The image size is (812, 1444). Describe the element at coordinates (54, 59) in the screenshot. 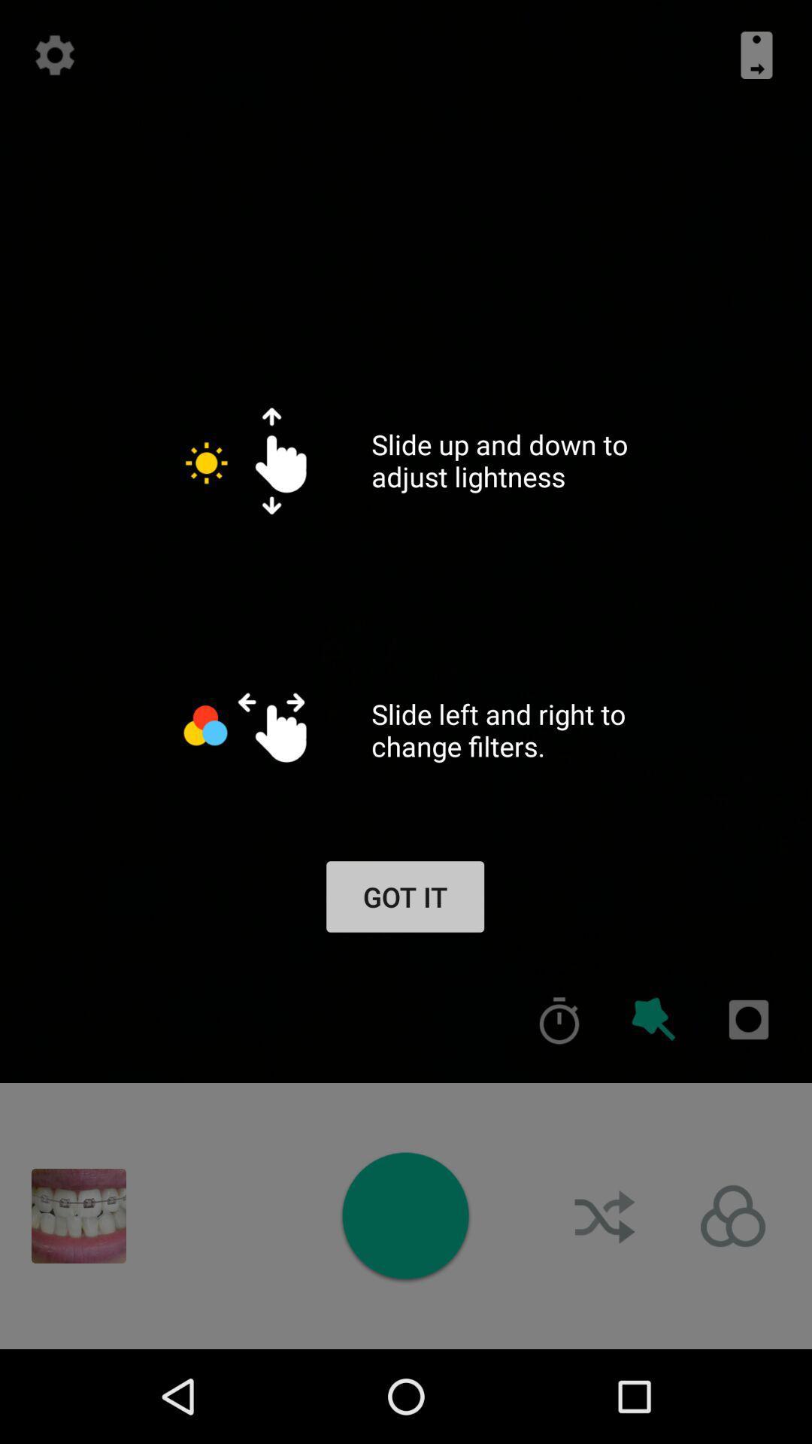

I see `the settings icon` at that location.